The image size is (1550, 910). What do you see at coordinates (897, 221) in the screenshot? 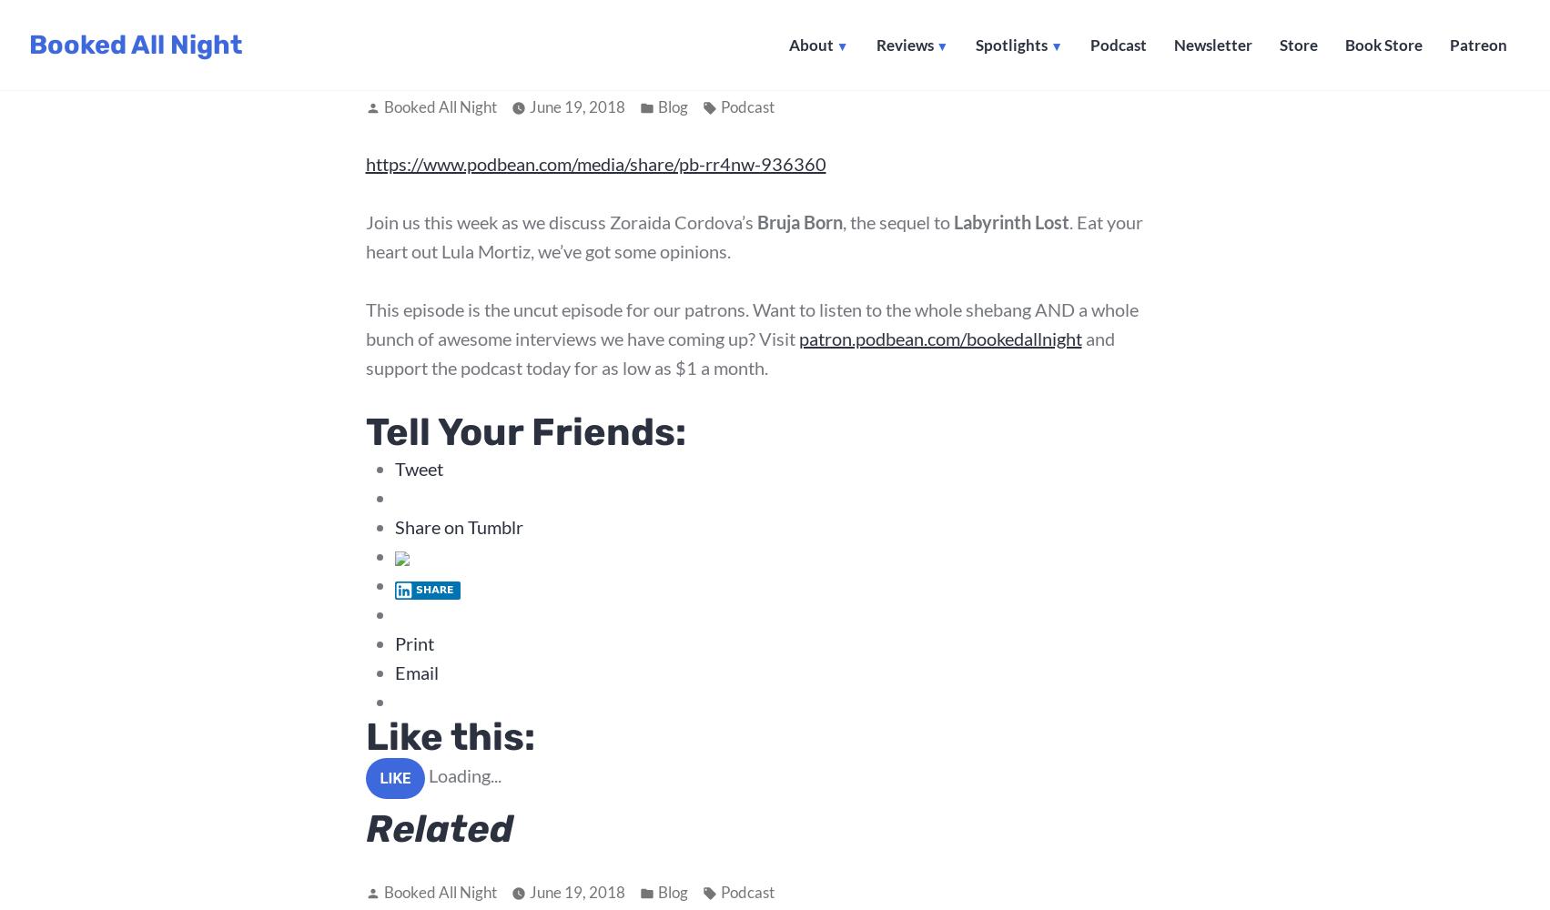
I see `', the sequel to'` at bounding box center [897, 221].